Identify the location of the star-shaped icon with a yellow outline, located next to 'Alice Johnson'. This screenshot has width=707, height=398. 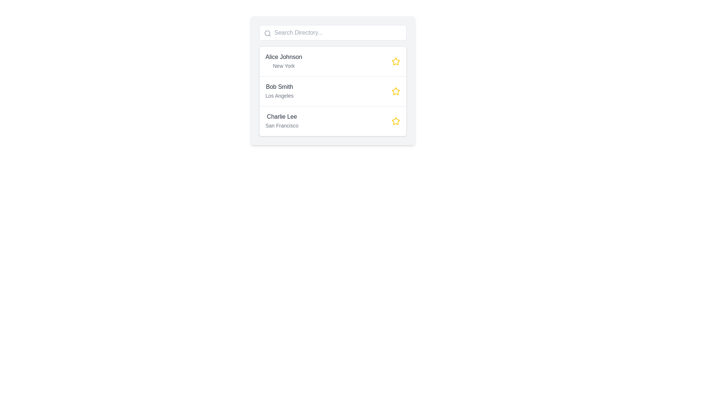
(395, 61).